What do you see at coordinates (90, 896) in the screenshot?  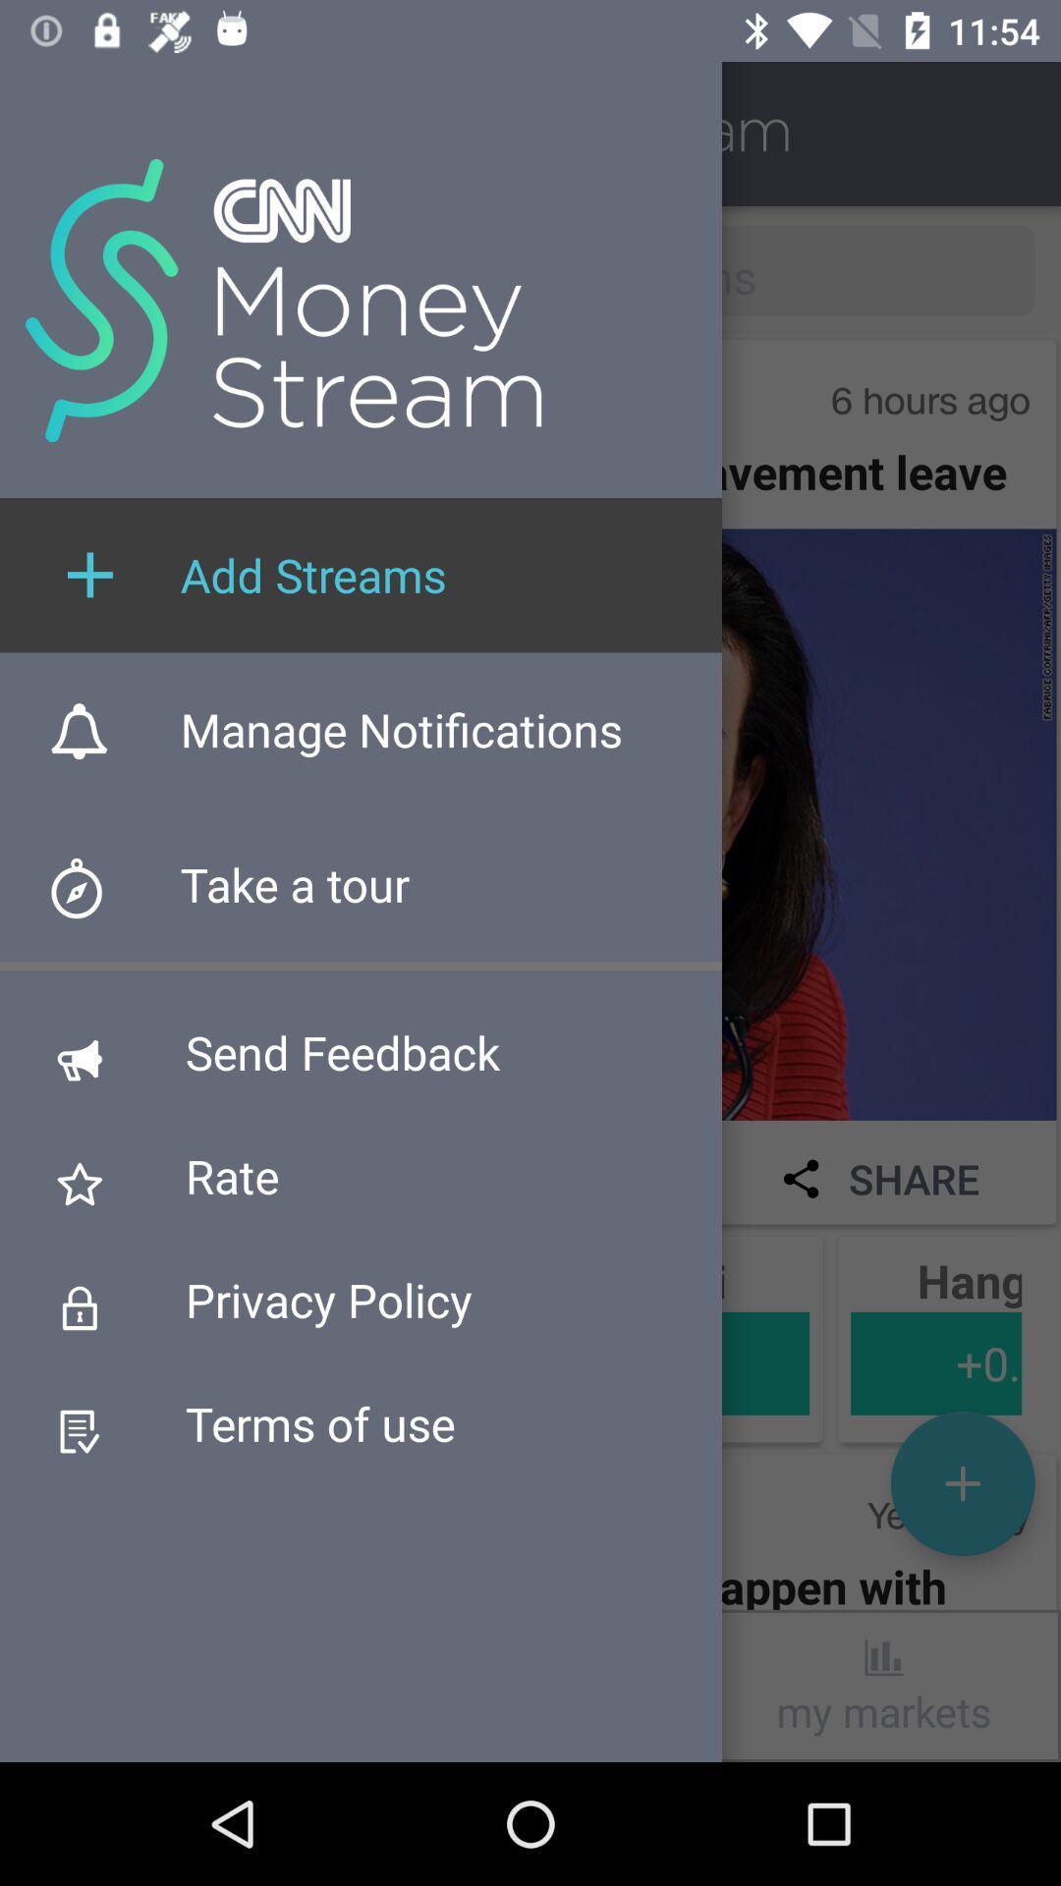 I see `the icon beside take a tour` at bounding box center [90, 896].